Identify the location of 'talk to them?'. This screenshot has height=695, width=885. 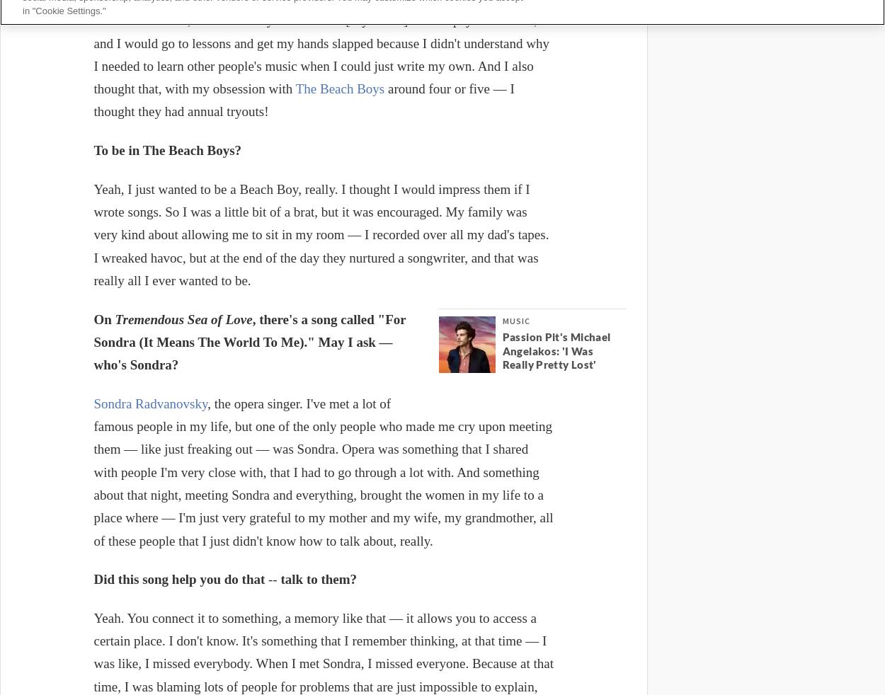
(280, 579).